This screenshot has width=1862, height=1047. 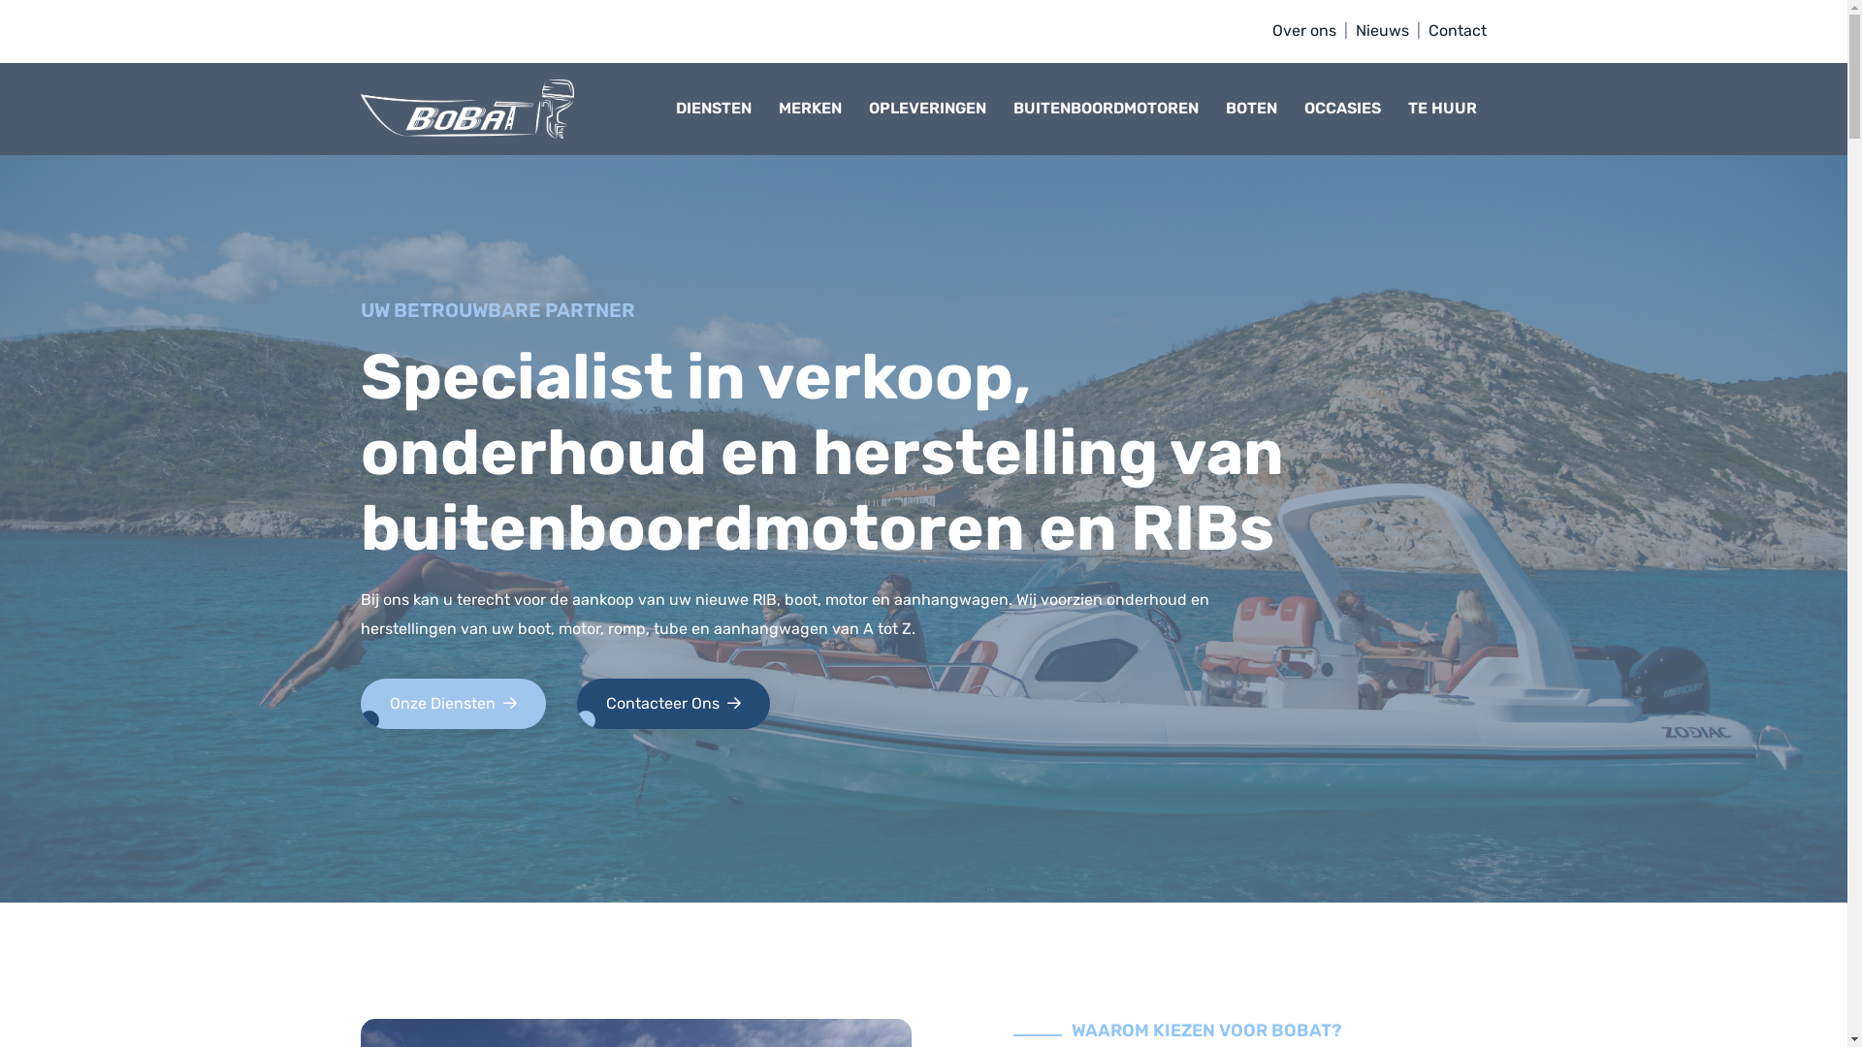 I want to click on 'Over ons', so click(x=1303, y=31).